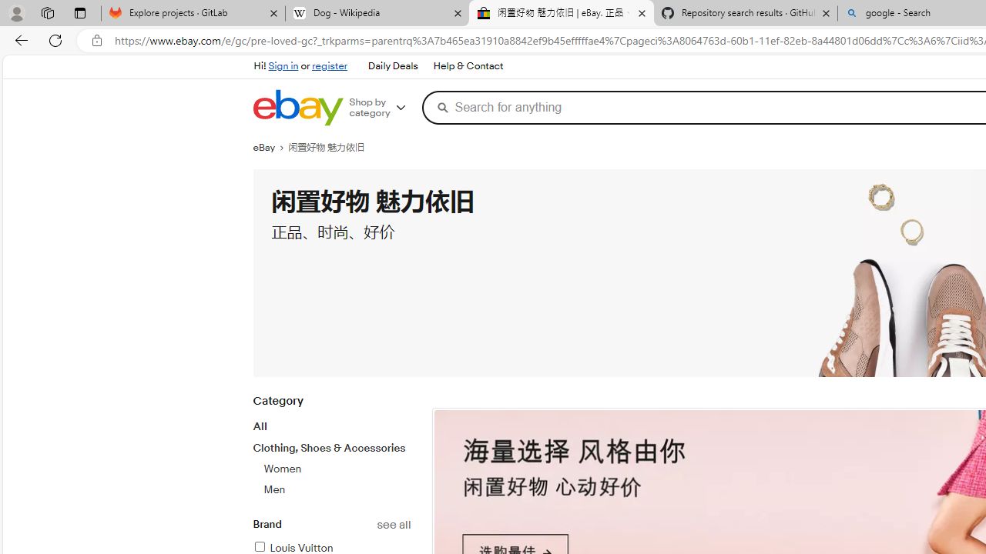  I want to click on 'Clothing, Shoes & AccessoriesWomenMen', so click(330, 468).